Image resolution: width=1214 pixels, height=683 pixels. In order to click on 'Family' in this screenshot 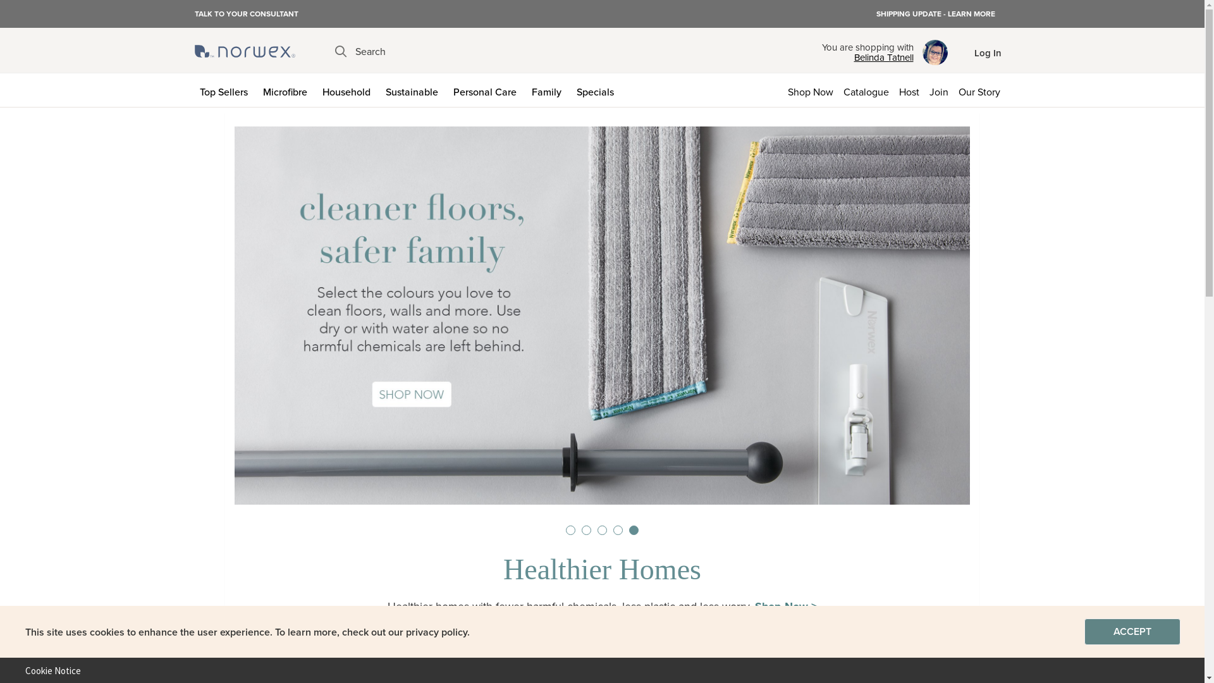, I will do `click(548, 89)`.